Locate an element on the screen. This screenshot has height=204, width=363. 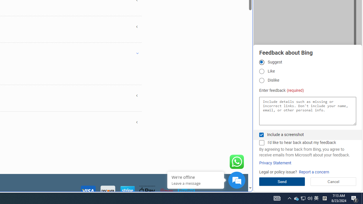
'Like' is located at coordinates (261, 71).